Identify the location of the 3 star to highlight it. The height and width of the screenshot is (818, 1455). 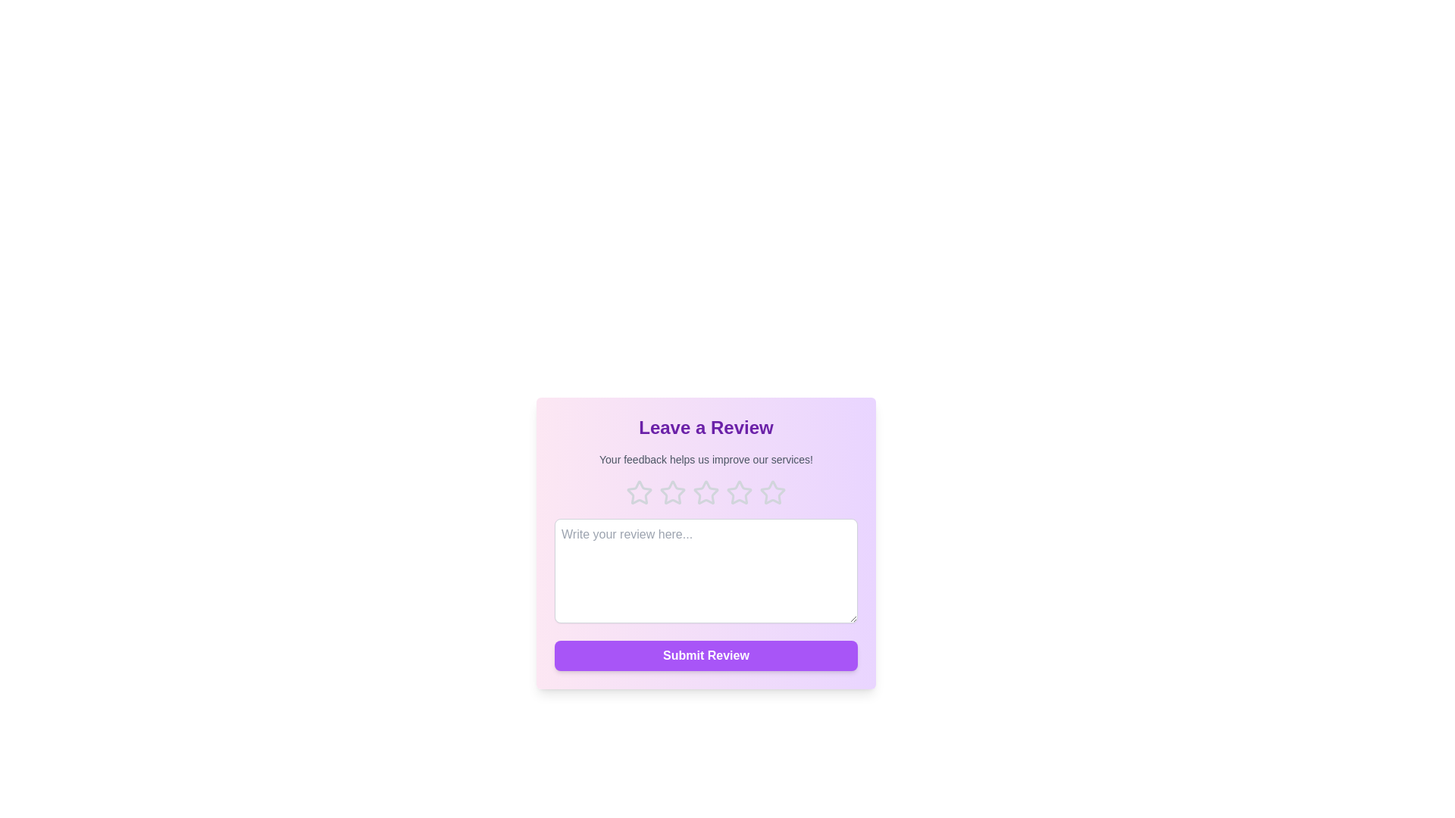
(705, 493).